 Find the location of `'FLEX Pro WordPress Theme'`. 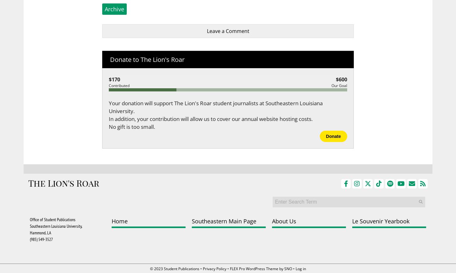

'FLEX Pro WordPress Theme' is located at coordinates (230, 269).